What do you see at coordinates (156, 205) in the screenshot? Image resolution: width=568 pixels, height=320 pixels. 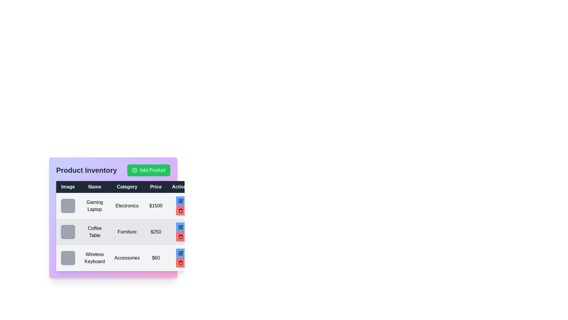 I see `the Text Display showing the monetary amount '$1500' for the 'Gaming Laptop' under the 'Price' column` at bounding box center [156, 205].